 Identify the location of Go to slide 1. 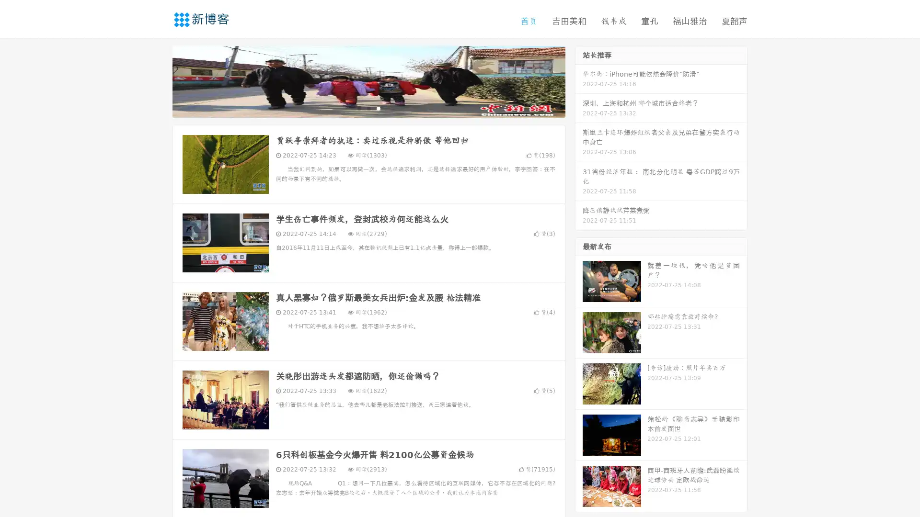
(358, 108).